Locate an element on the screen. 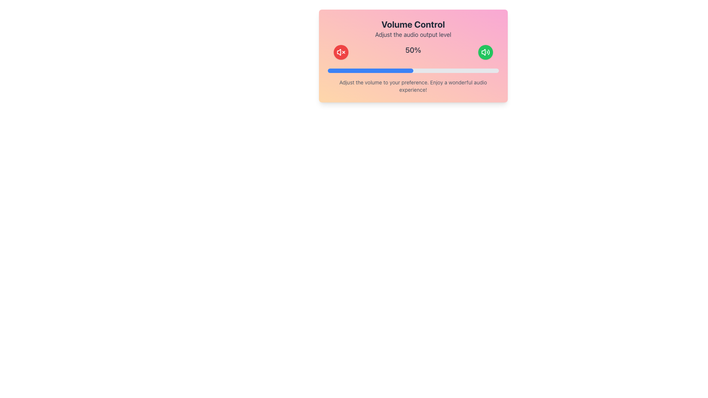 This screenshot has width=708, height=398. the volume is located at coordinates (471, 71).